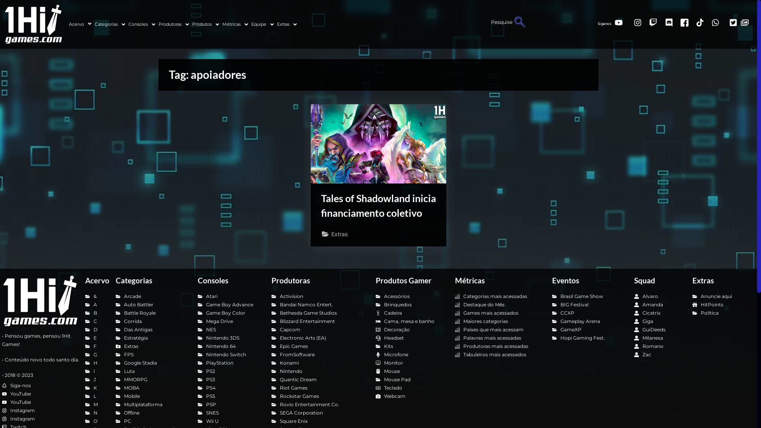  Describe the element at coordinates (96, 404) in the screenshot. I see `'M'` at that location.